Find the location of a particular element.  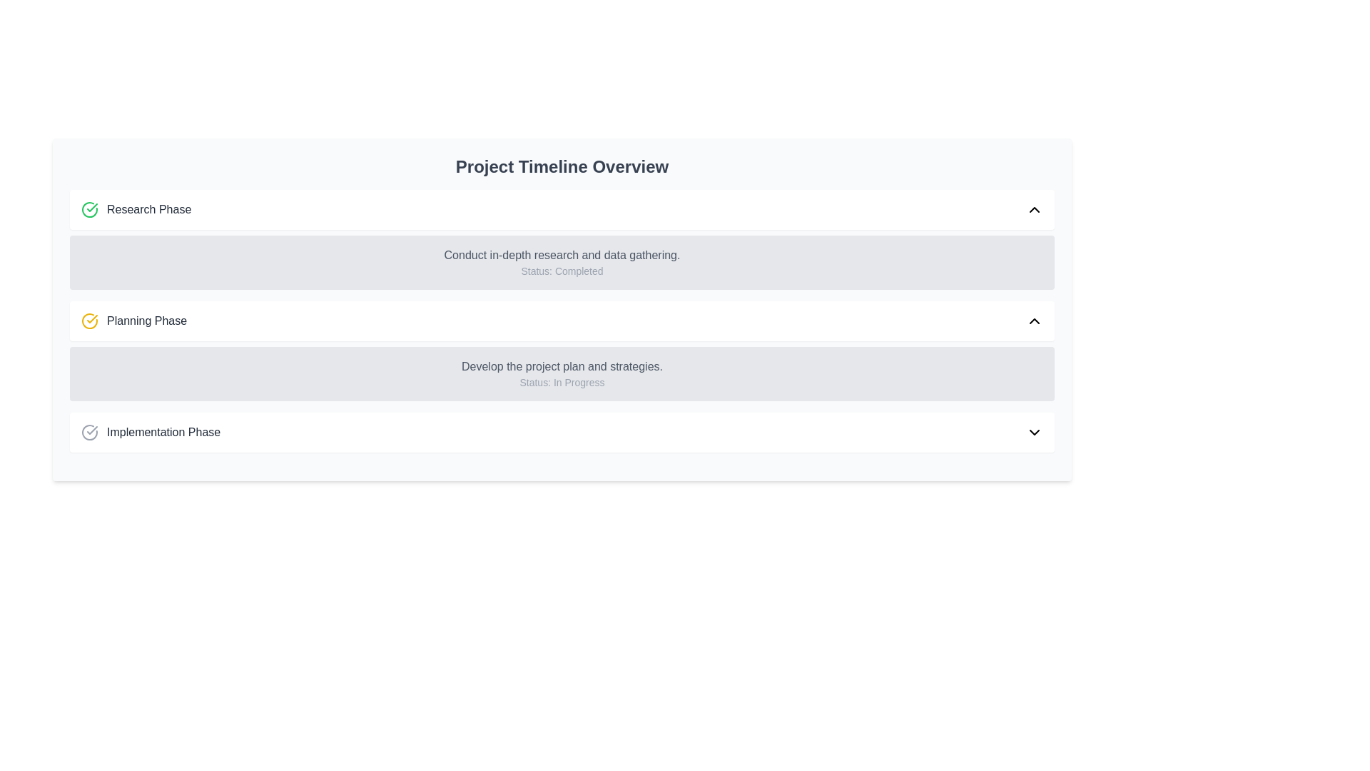

the yellow checkmark icon with a circular border, which represents the 'Planning Phase.' This icon is located to the left of the text 'Planning Phase.' is located at coordinates (88, 321).